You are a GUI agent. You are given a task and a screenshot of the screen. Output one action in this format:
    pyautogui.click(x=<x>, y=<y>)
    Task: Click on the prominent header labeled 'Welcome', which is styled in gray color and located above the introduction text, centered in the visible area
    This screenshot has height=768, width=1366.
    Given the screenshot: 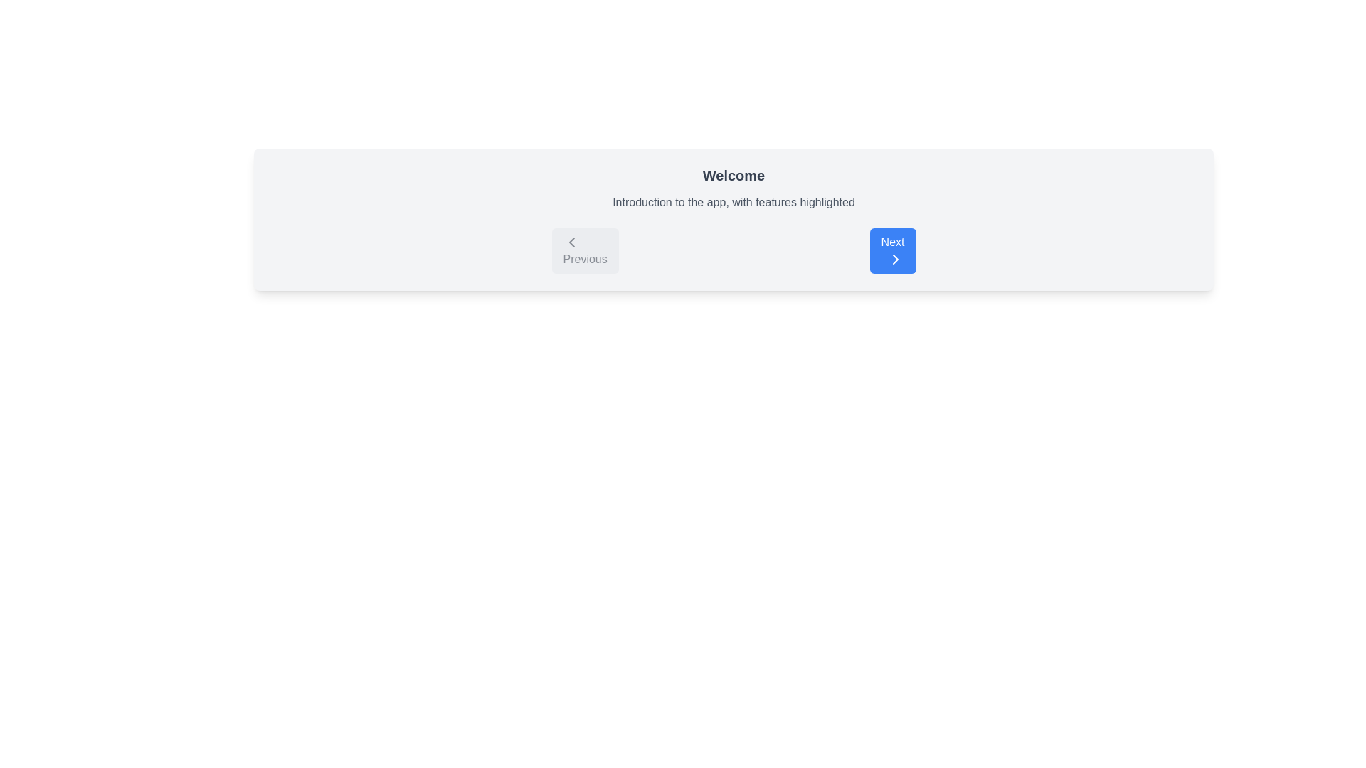 What is the action you would take?
    pyautogui.click(x=734, y=174)
    